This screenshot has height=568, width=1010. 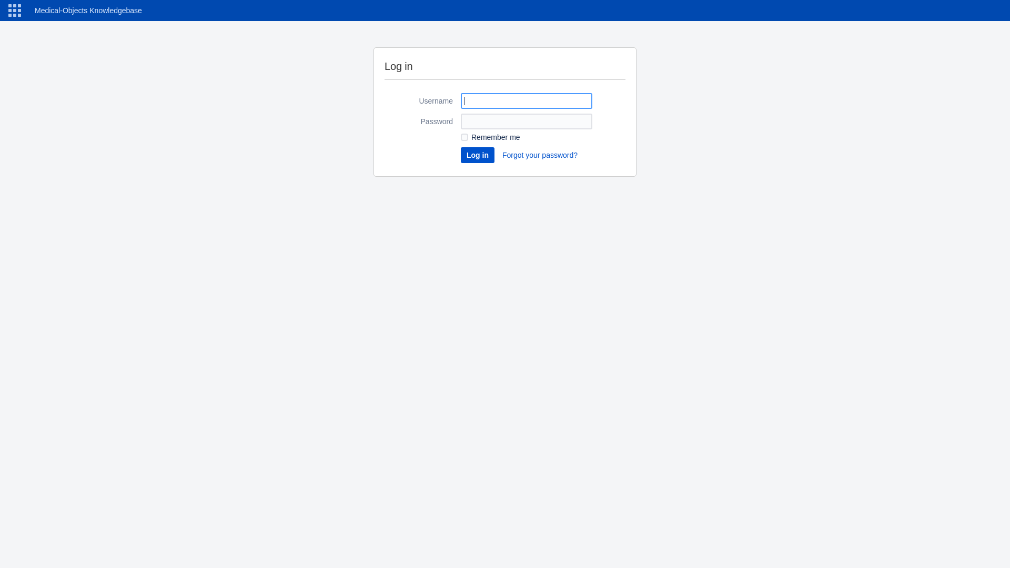 What do you see at coordinates (501, 155) in the screenshot?
I see `'Forgot your password?'` at bounding box center [501, 155].